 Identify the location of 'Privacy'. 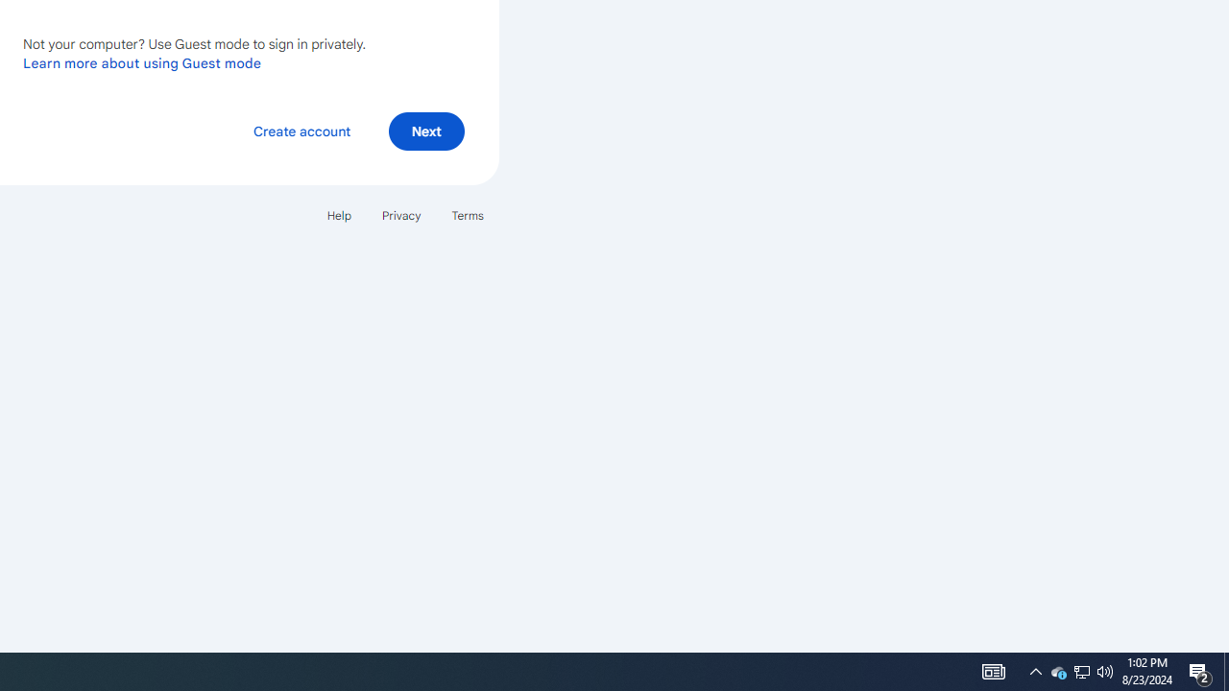
(399, 215).